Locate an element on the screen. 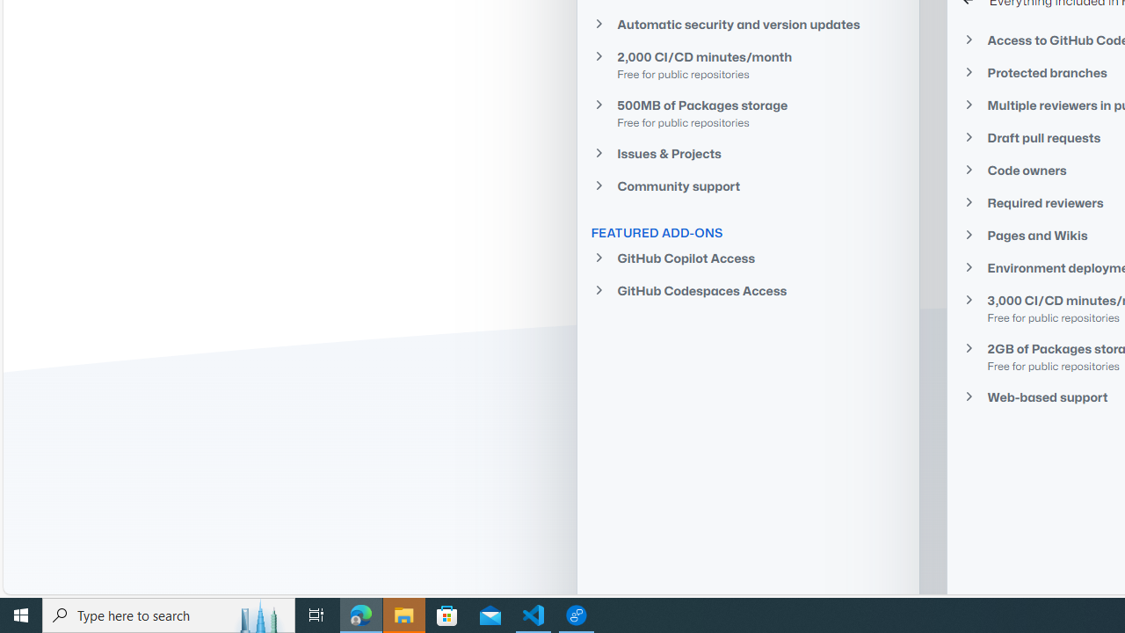  '2,000 CI/CD minutes/month Free for public repositories' is located at coordinates (748, 64).